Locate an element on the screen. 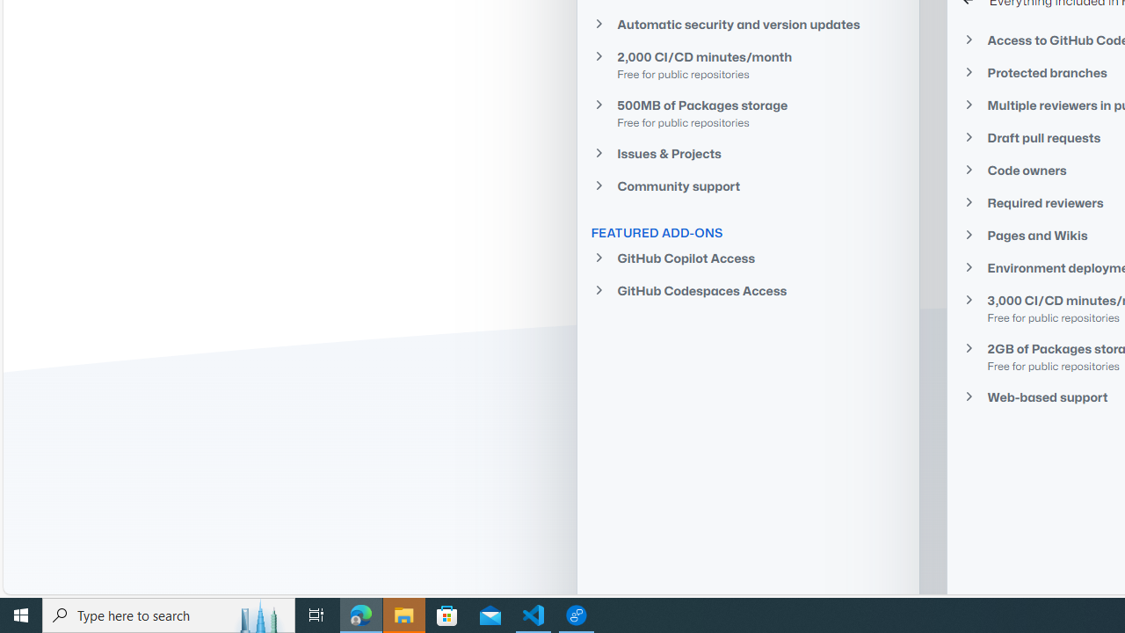  '2,000 CI/CD minutes/month Free for public repositories' is located at coordinates (748, 64).